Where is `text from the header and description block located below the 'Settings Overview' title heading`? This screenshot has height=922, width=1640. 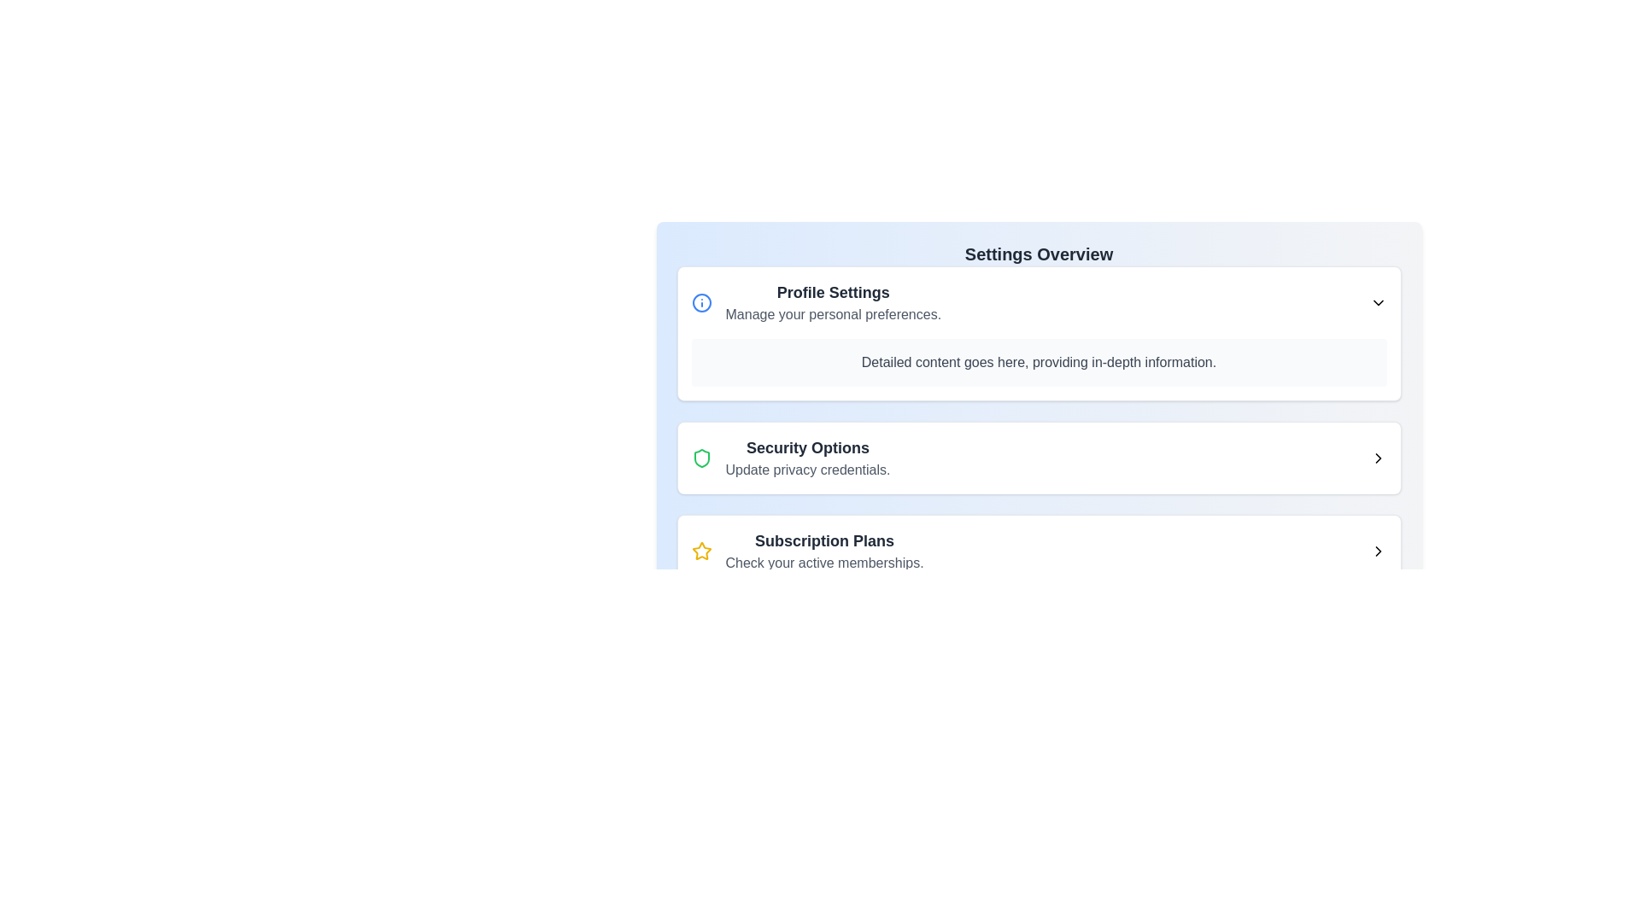 text from the header and description block located below the 'Settings Overview' title heading is located at coordinates (833, 301).